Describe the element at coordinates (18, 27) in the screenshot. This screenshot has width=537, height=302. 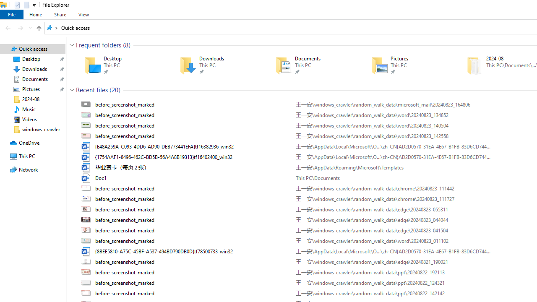
I see `'Navigation buttons'` at that location.